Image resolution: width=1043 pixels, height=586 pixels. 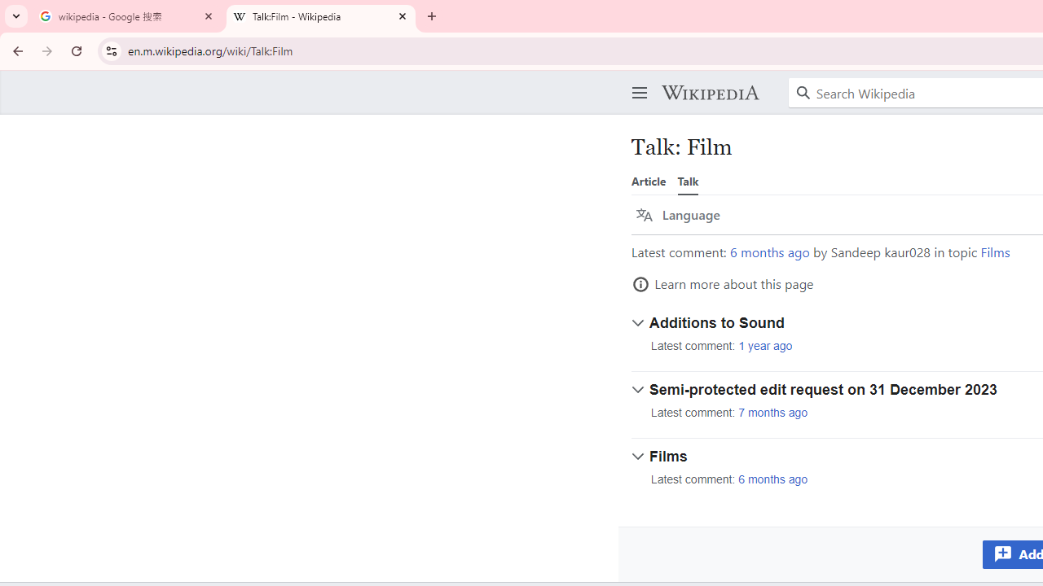 I want to click on 'Article', so click(x=648, y=181).